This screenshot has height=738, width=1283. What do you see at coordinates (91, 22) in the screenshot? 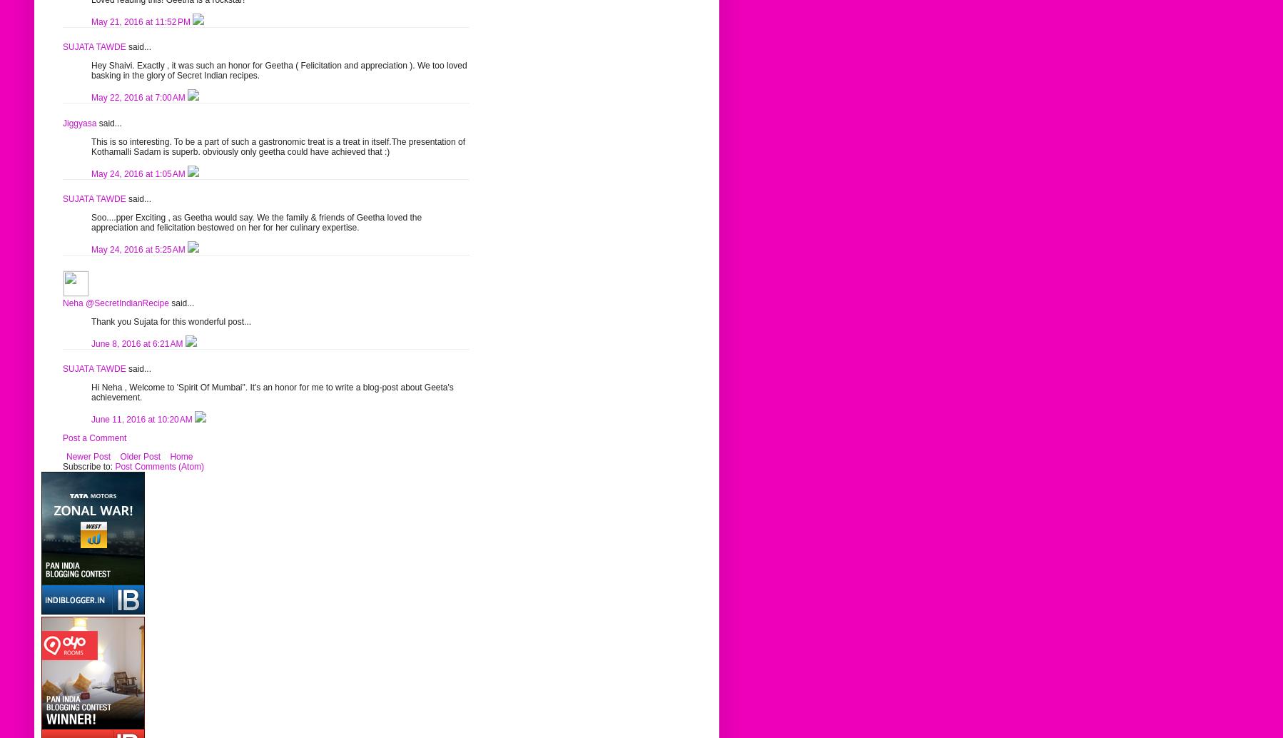
I see `'May 21, 2016 at 11:52 PM'` at bounding box center [91, 22].